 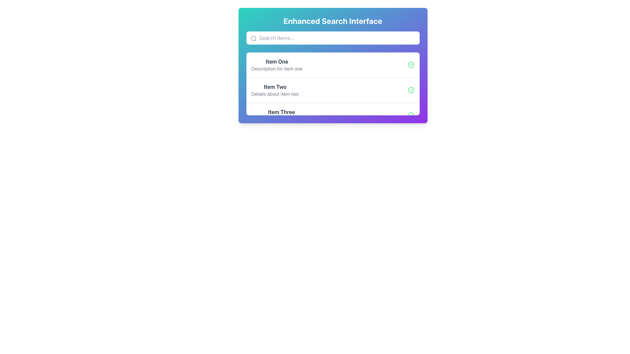 What do you see at coordinates (277, 69) in the screenshot?
I see `the text label that reads 'Description for item one', which is styled in a smaller gray font and located directly below the bold 'Item One' label in the first entry of the item list` at bounding box center [277, 69].